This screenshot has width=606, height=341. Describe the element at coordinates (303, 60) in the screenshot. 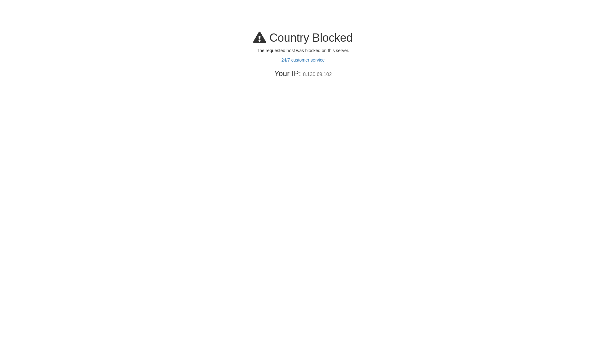

I see `'24/7 customer service'` at that location.